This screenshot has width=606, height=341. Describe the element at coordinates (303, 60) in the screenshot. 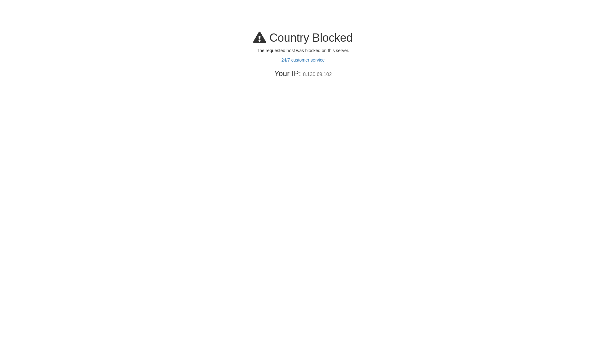

I see `'24/7 customer service'` at that location.